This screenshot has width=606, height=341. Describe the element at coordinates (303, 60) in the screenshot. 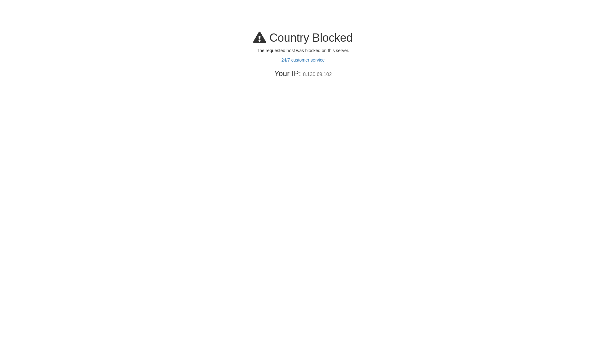

I see `'24/7 customer service'` at that location.